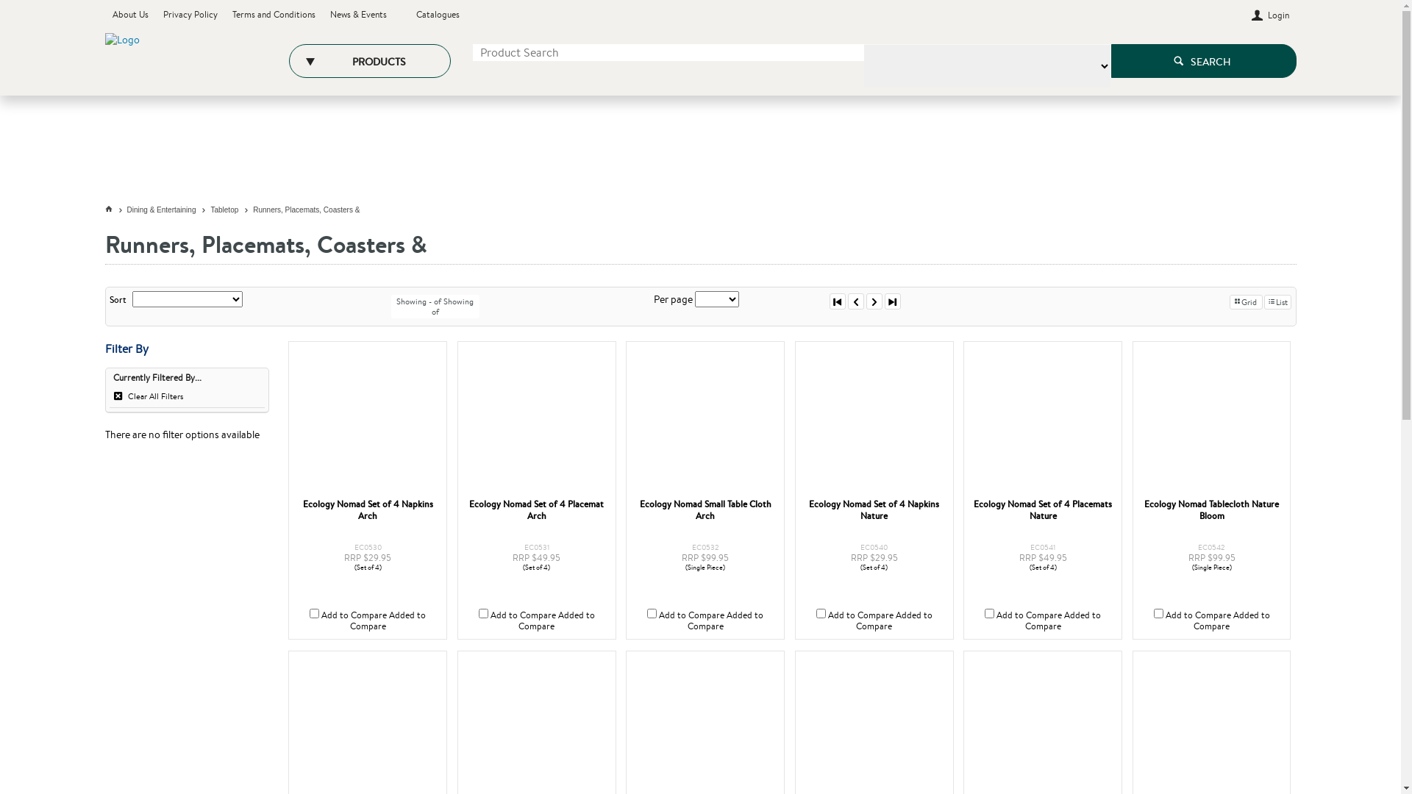 This screenshot has height=794, width=1412. What do you see at coordinates (168, 210) in the screenshot?
I see `'Dining & Entertaining'` at bounding box center [168, 210].